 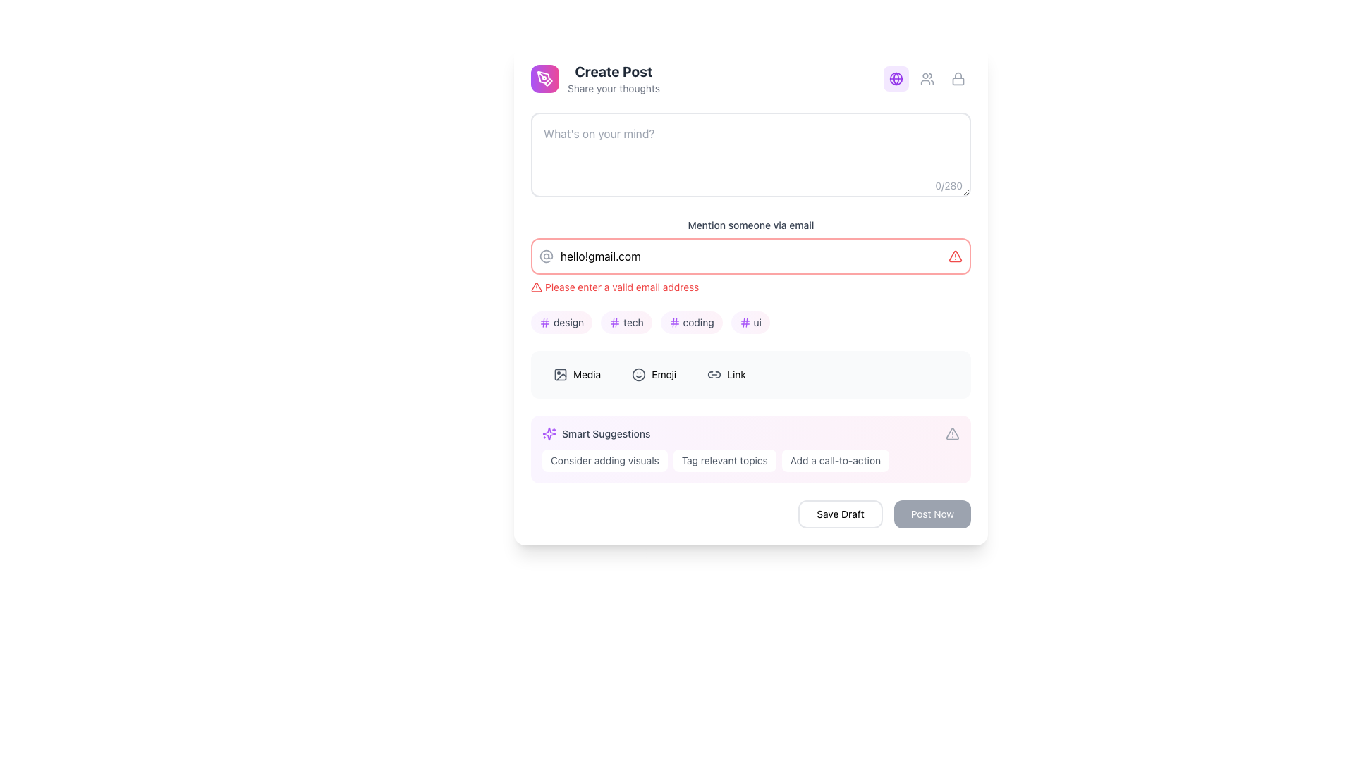 What do you see at coordinates (927, 78) in the screenshot?
I see `the user management button located at the top-right corner of the interface` at bounding box center [927, 78].